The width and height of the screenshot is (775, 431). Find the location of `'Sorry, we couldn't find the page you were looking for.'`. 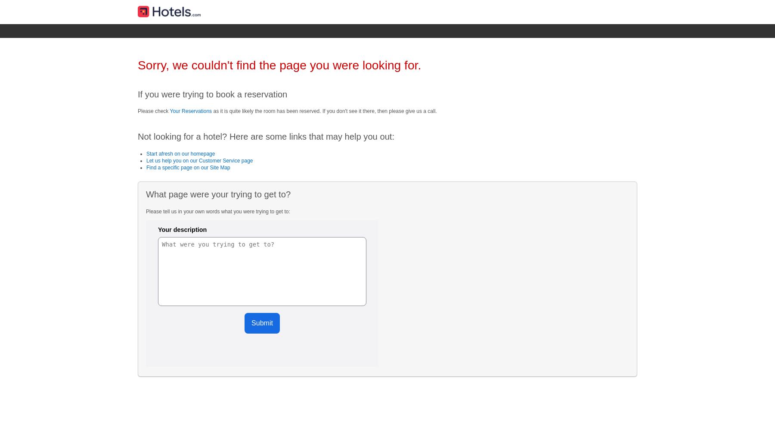

'Sorry, we couldn't find the page you were looking for.' is located at coordinates (279, 65).